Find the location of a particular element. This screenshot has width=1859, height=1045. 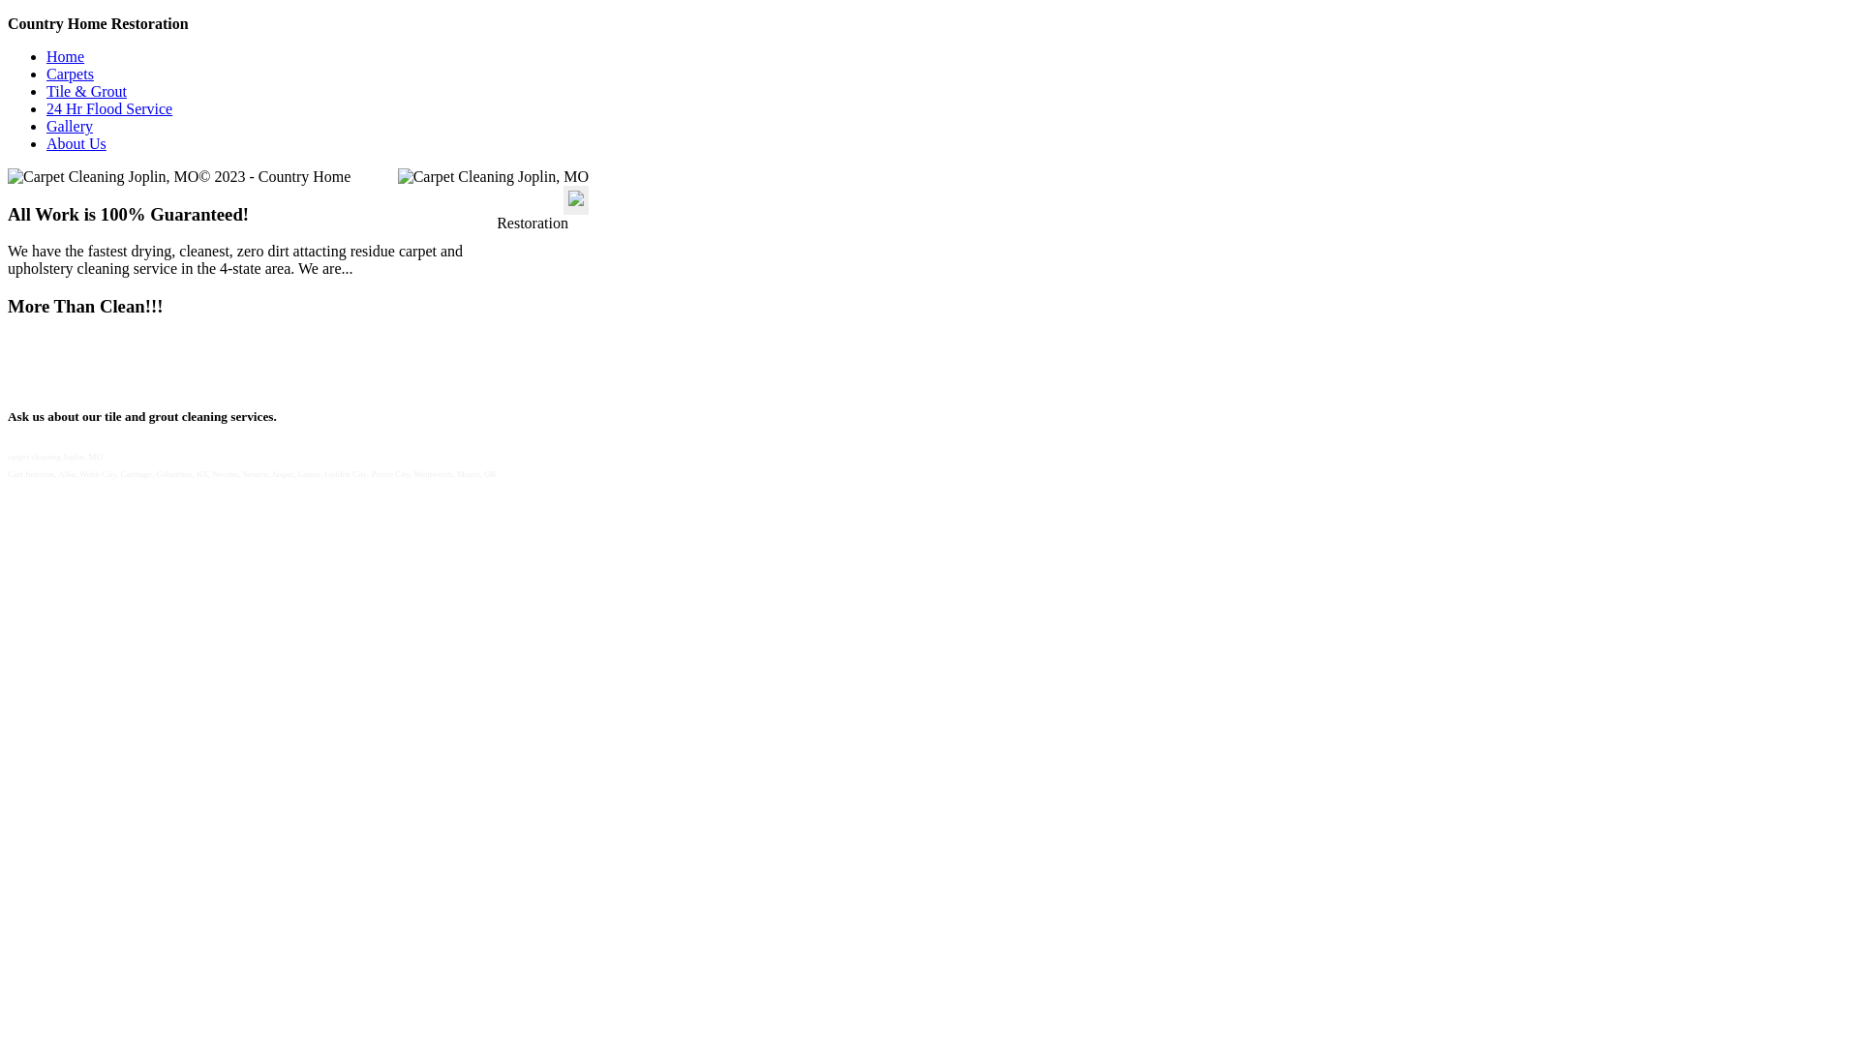

'24 Hr Flood Service' is located at coordinates (46, 108).